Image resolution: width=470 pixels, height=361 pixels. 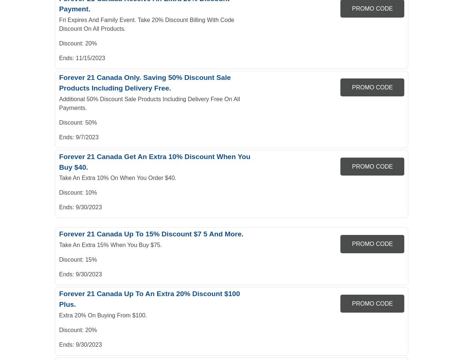 What do you see at coordinates (59, 24) in the screenshot?
I see `'Fri Expires And Family Event. Take 20% Discount Billing With Code Discount On All Products.'` at bounding box center [59, 24].